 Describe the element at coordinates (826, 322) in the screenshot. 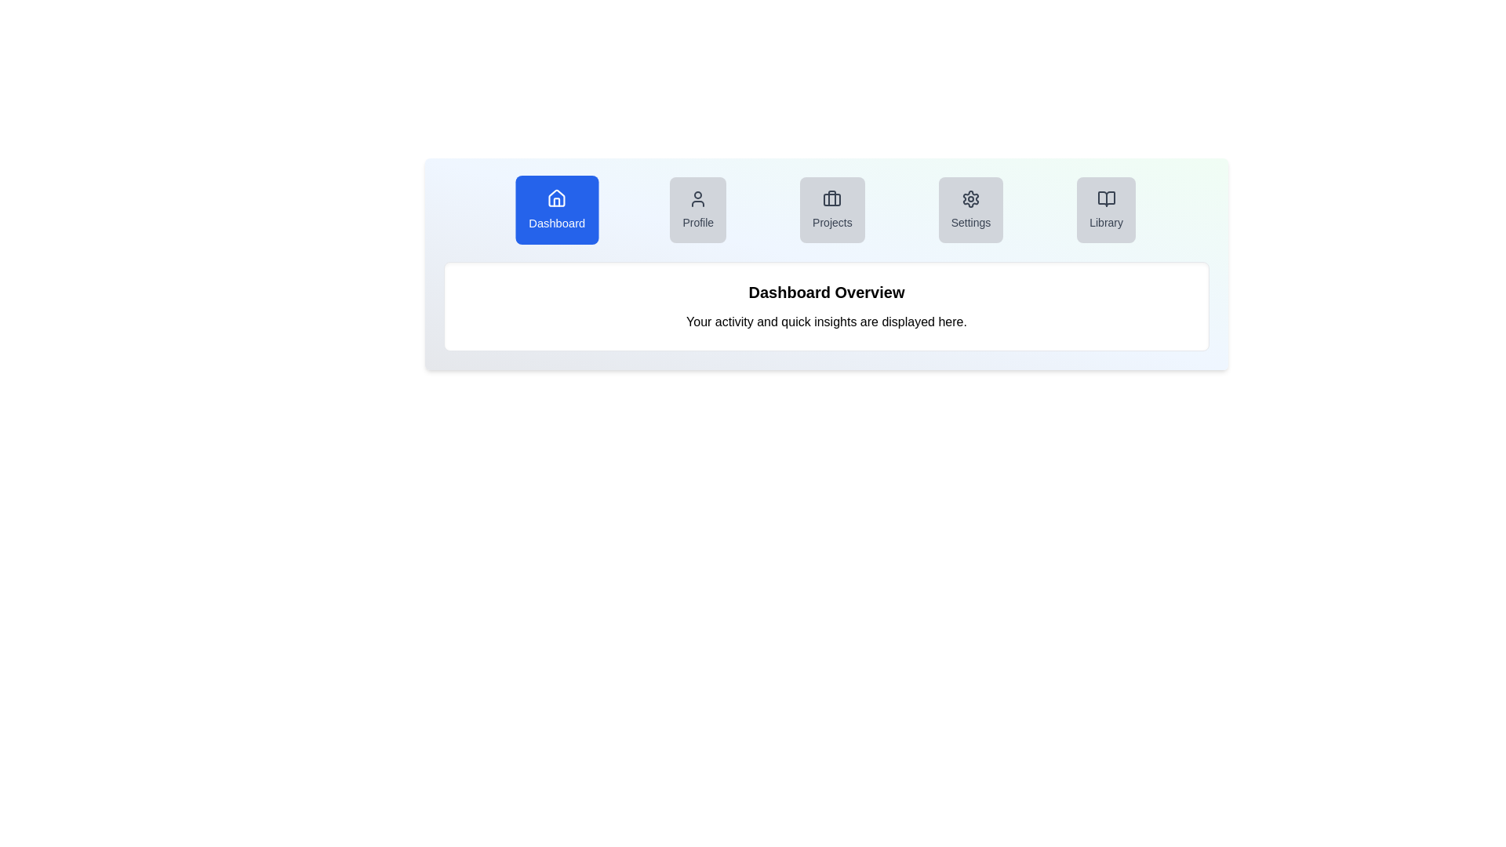

I see `the text label providing guidance below the 'Dashboard Overview' heading` at that location.